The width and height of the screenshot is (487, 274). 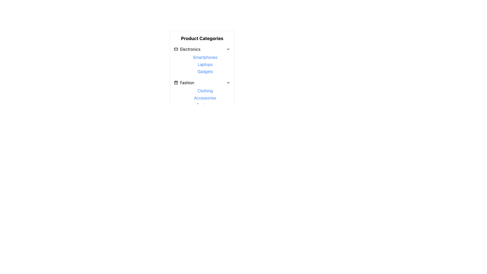 I want to click on the blue text label displaying 'Gadgets', so click(x=205, y=71).